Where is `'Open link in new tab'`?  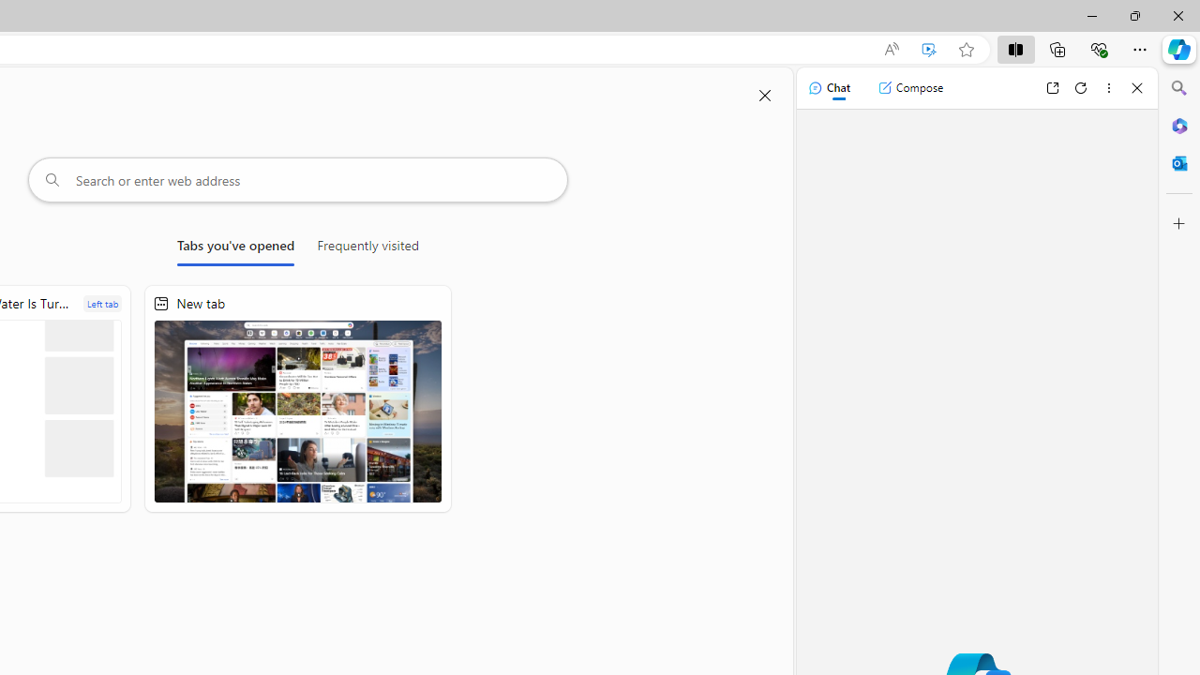 'Open link in new tab' is located at coordinates (1052, 87).